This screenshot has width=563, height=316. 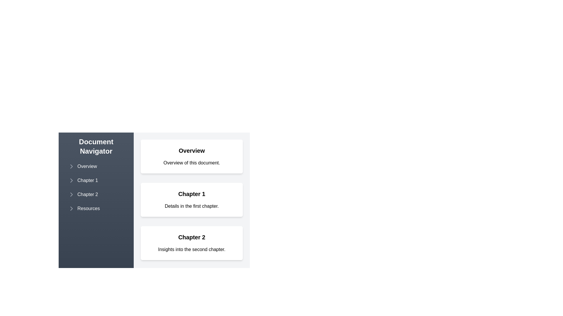 What do you see at coordinates (71, 194) in the screenshot?
I see `the chevron right arrow icon located next to the text 'Chapter 2' in the sidebar menu` at bounding box center [71, 194].